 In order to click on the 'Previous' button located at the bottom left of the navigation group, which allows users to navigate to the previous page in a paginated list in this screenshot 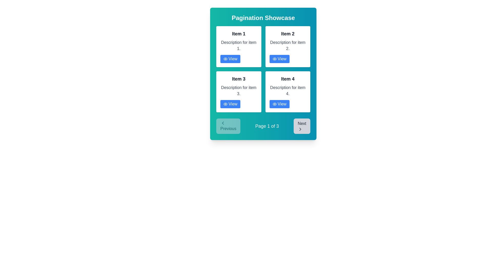, I will do `click(228, 126)`.